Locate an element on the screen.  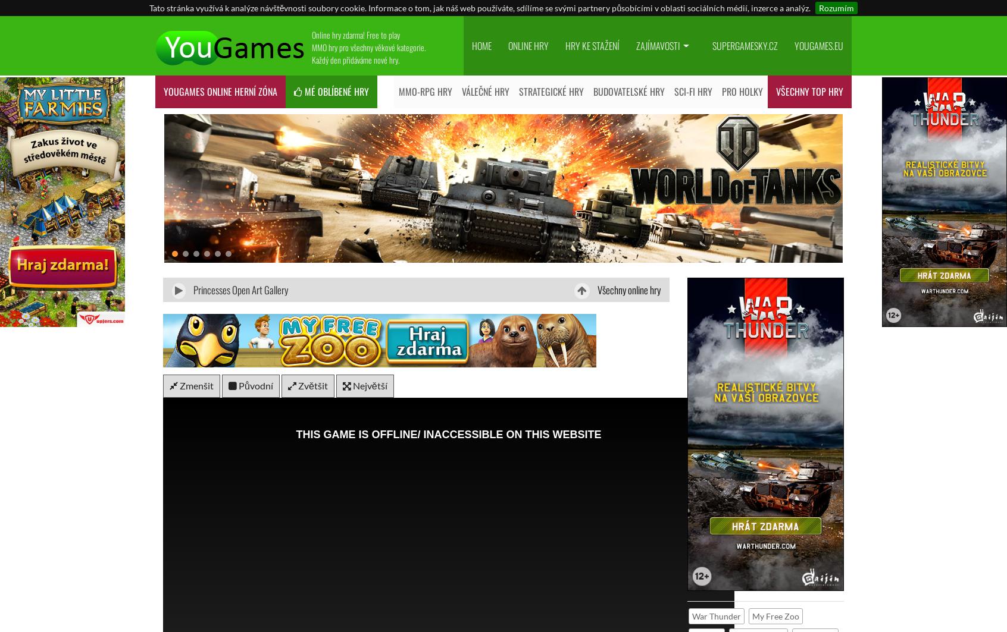
'Strategické hry' is located at coordinates (551, 92).